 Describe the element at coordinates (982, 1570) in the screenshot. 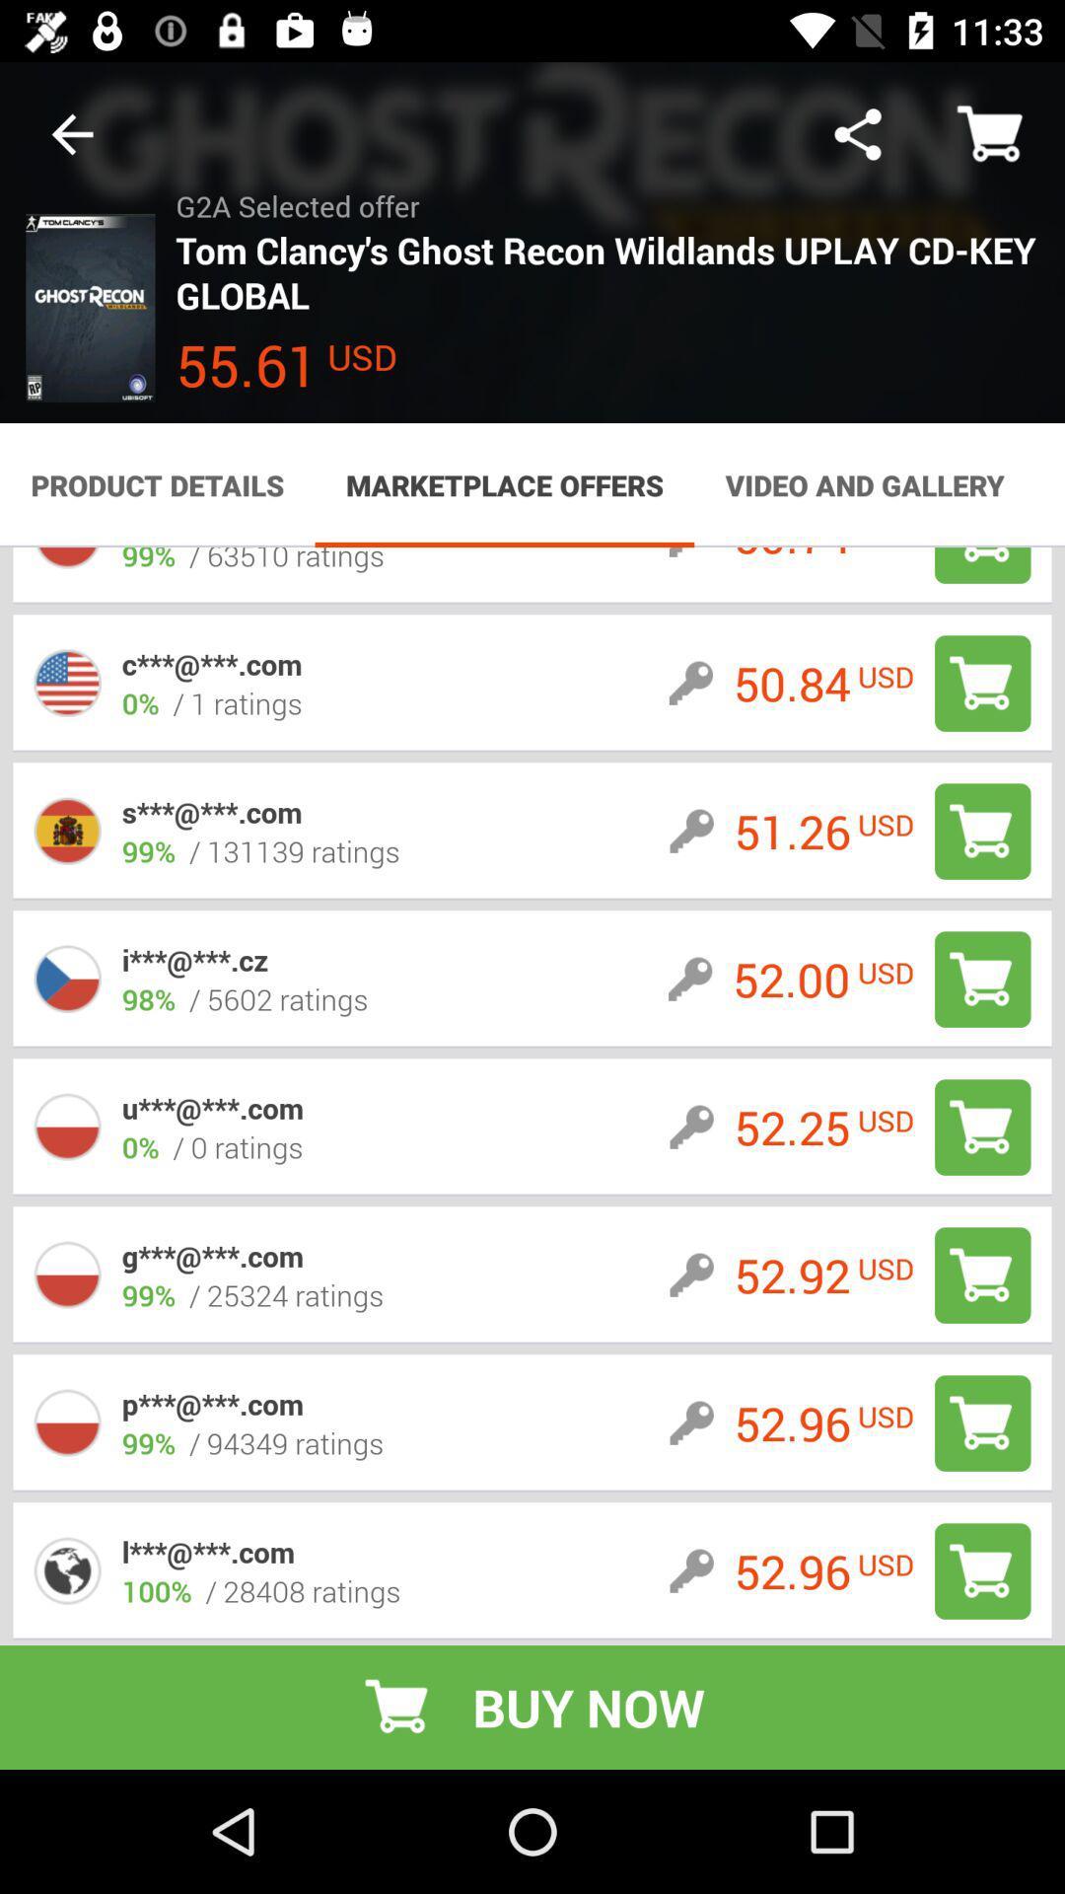

I see `shopping` at that location.